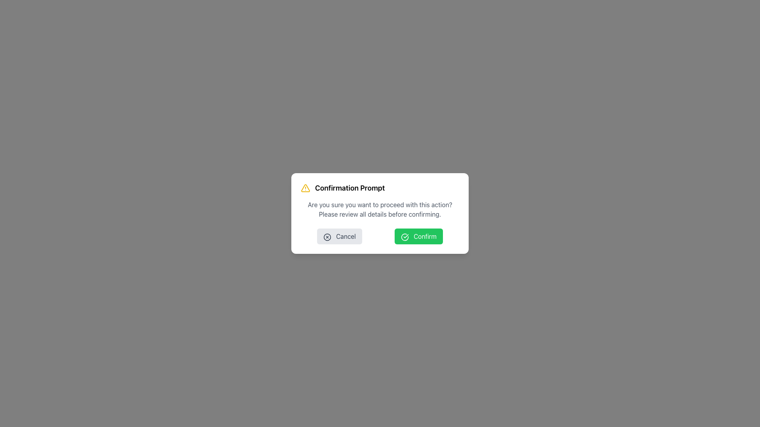 The image size is (760, 427). I want to click on the confirm button located to the right of the gray 'Cancel' button in the modal to confirm the action, so click(418, 236).